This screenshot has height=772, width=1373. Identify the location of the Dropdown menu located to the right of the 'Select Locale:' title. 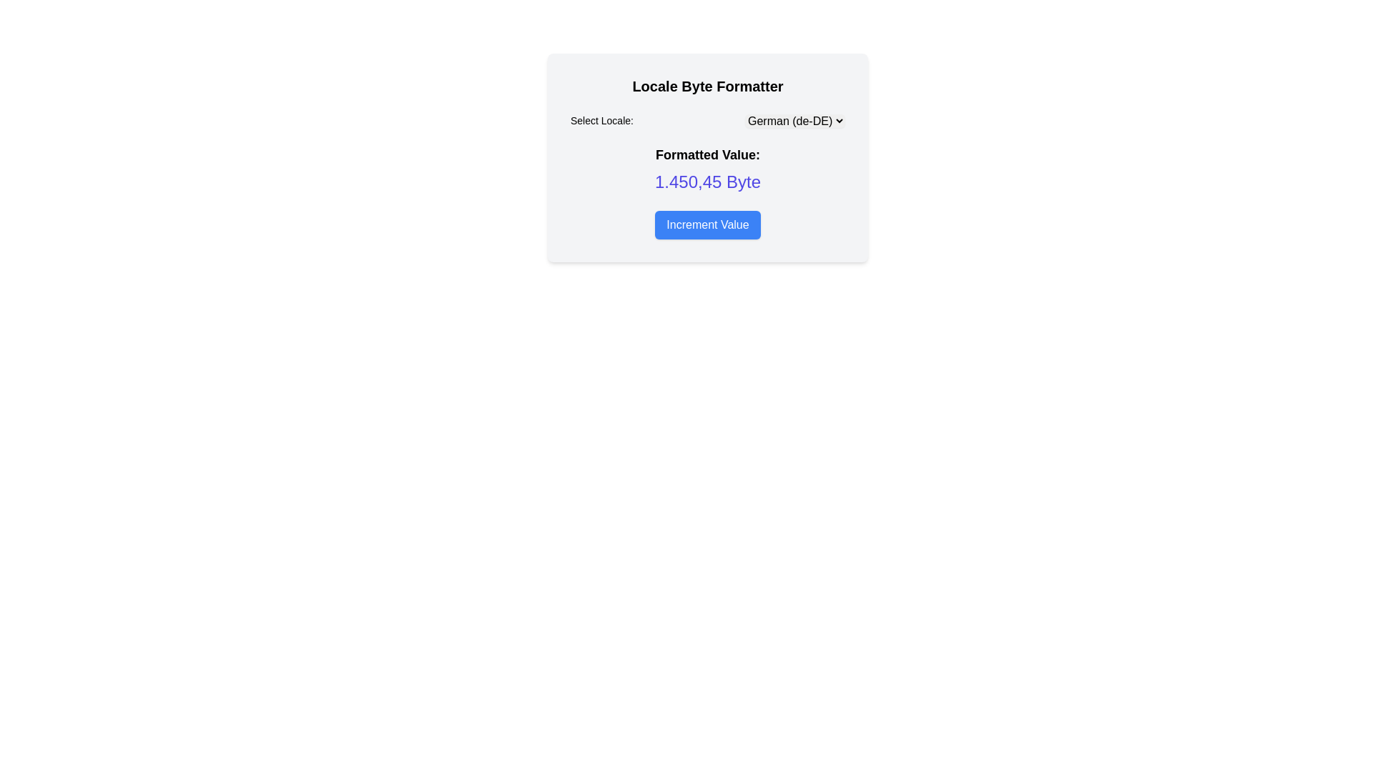
(794, 120).